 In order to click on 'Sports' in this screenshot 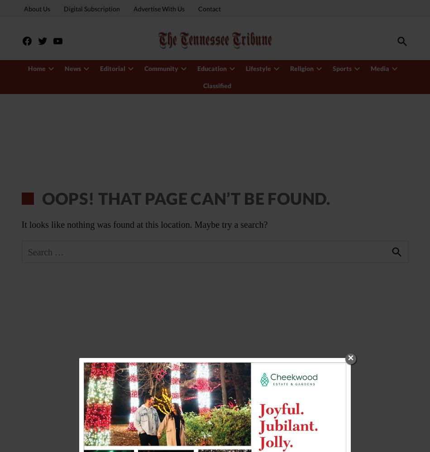, I will do `click(341, 68)`.